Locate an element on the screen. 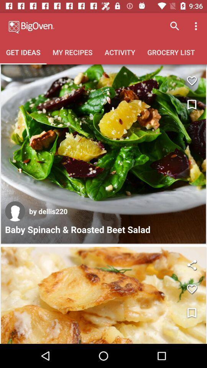 The image size is (207, 368). the icon above baby spinach roasted item is located at coordinates (48, 211).